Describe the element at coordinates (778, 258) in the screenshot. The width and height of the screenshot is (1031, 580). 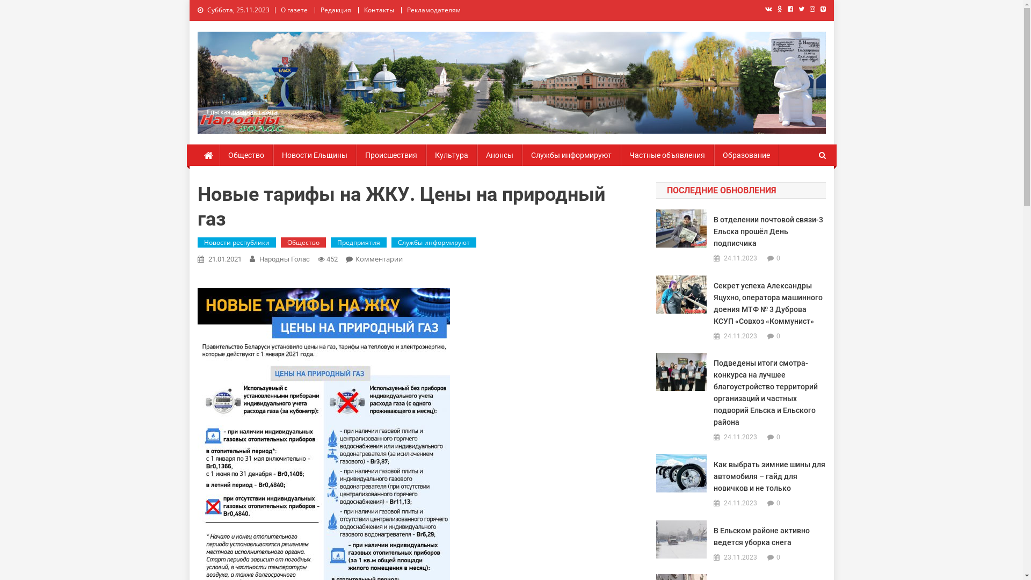
I see `'0'` at that location.